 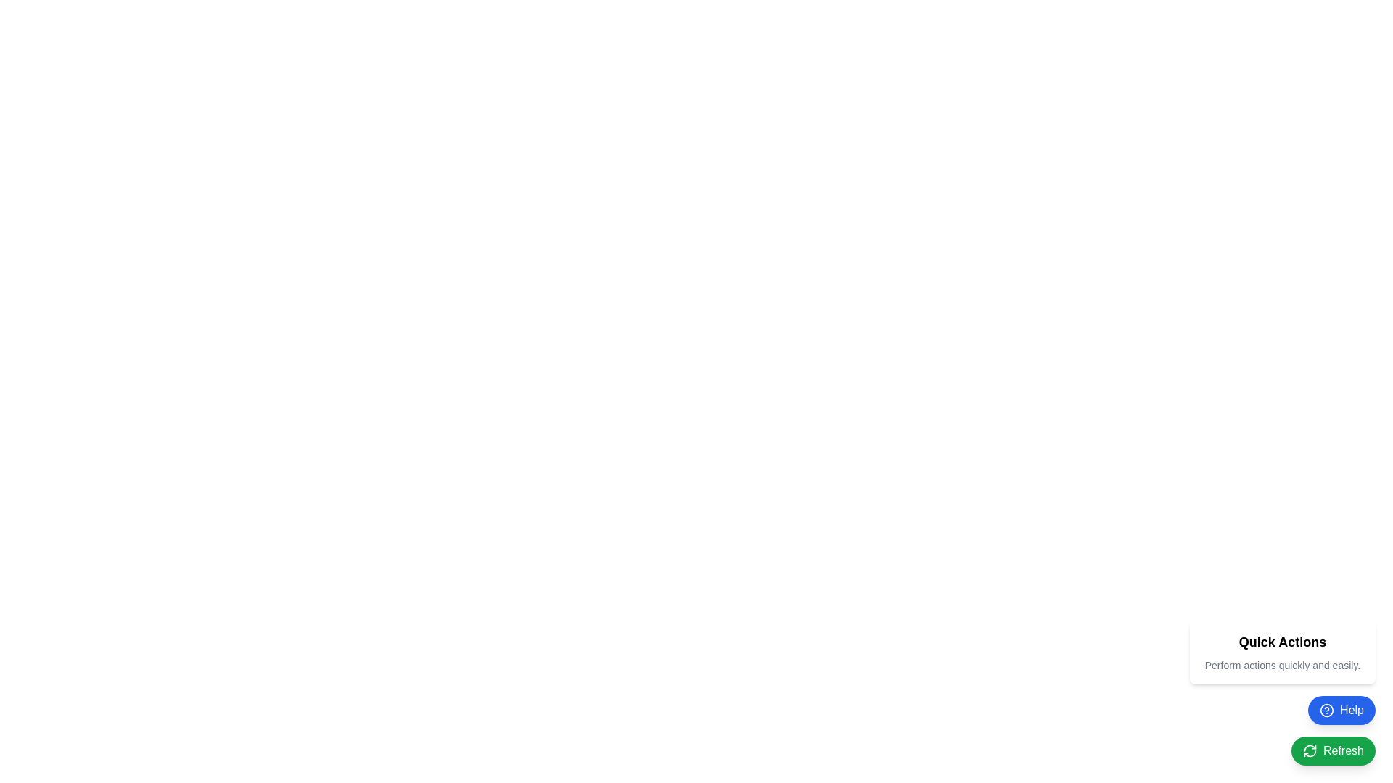 I want to click on the circular question mark icon within the blue 'Help' button, so click(x=1327, y=709).